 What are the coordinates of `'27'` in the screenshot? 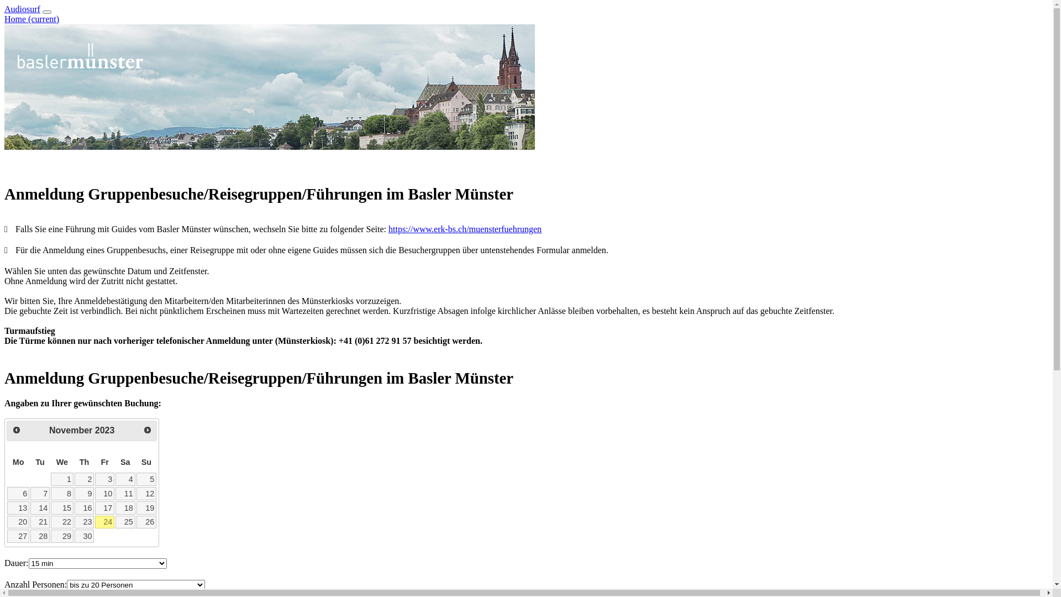 It's located at (18, 535).